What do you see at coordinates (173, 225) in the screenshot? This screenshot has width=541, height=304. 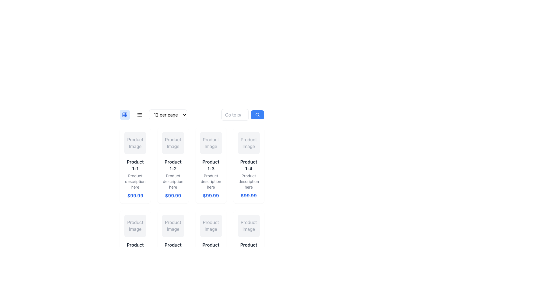 I see `the rectangular Placeholder component with a light gray background and rounded corners that contains the text 'Product Image'` at bounding box center [173, 225].